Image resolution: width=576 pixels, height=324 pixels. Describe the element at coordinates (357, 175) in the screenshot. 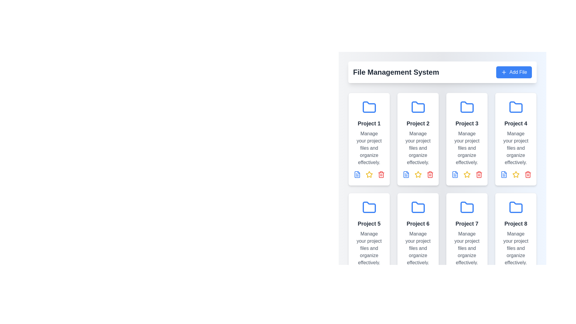

I see `the interactive file-related icon for 'Project 1', located at the bottom-left corner of the 'Project 1' card` at that location.